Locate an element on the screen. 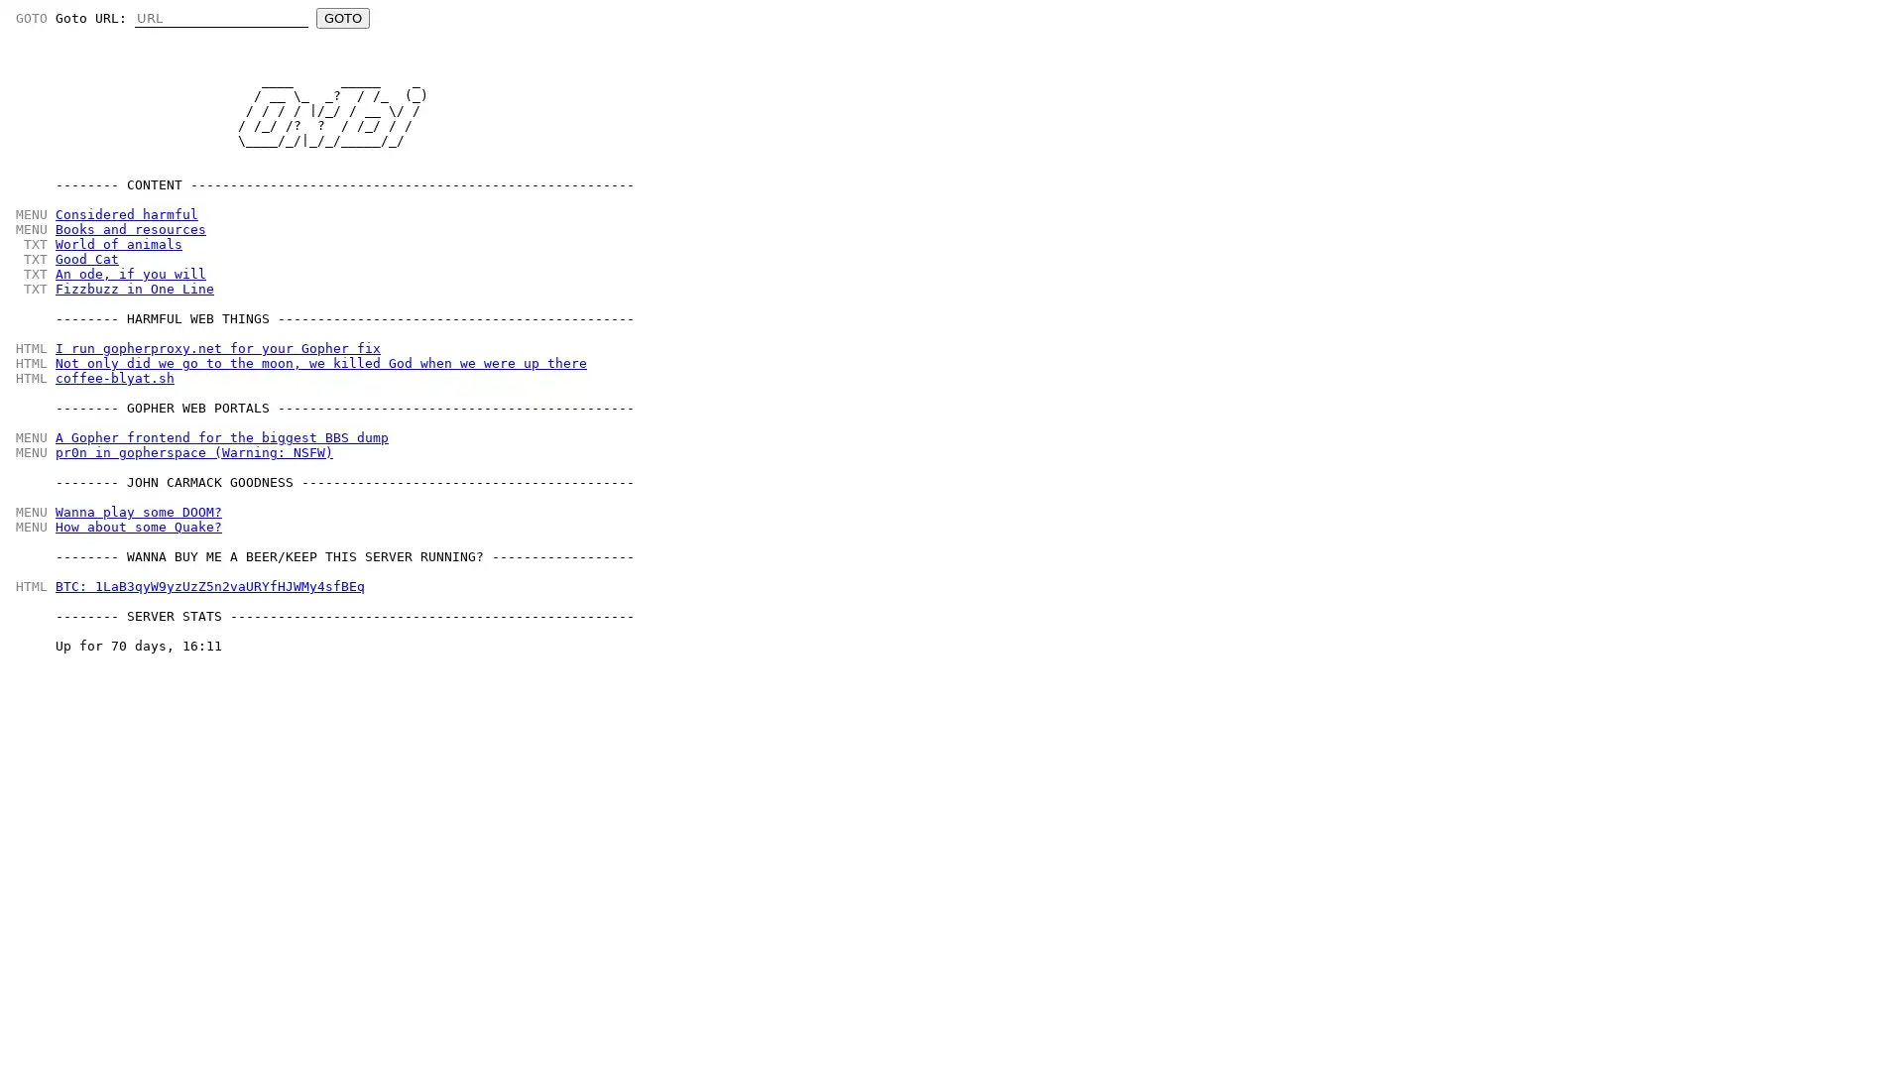 The height and width of the screenshot is (1071, 1904). GOTO is located at coordinates (342, 18).